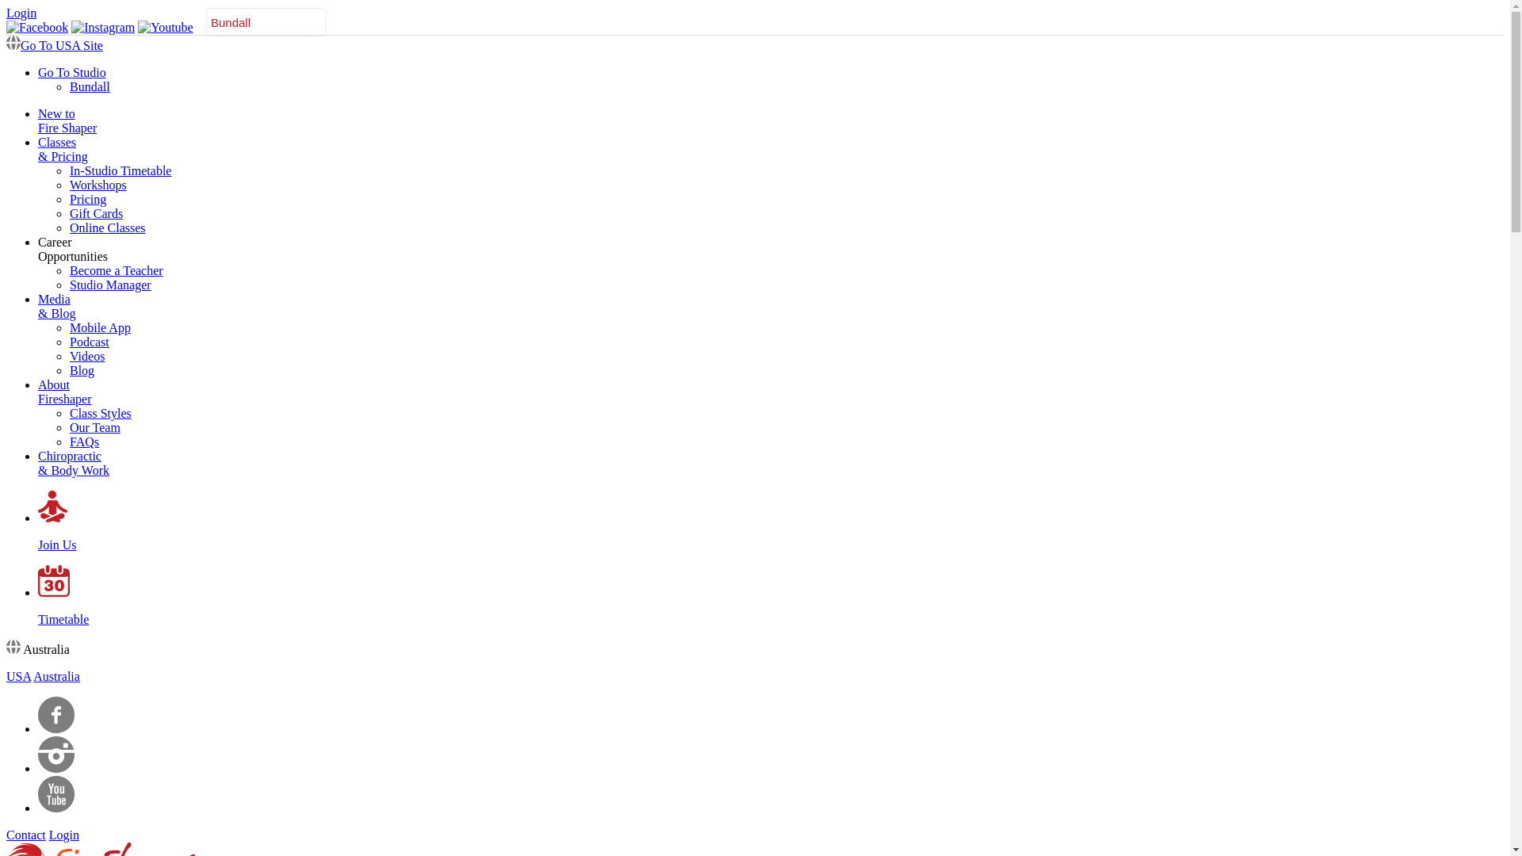 Image resolution: width=1522 pixels, height=856 pixels. I want to click on 'Workshops', so click(68, 184).